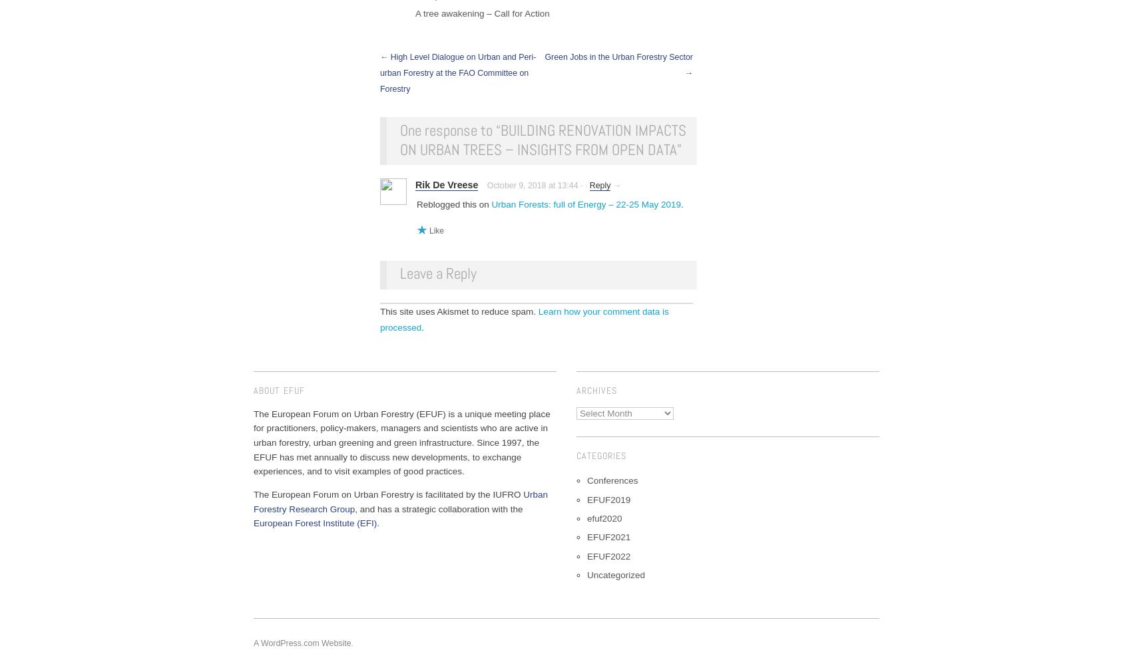 The image size is (1133, 672). Describe the element at coordinates (401, 441) in the screenshot. I see `'The European Forum on Urban Forestry (EFUF) is a unique meeting place for practitioners, policy-makers, managers and scientists who are active in urban forestry, urban greening and green infrastructure. Since 1997, the EFUF has met annually to discuss new developments, to exchange experiences, and to visit examples of good practices.'` at that location.